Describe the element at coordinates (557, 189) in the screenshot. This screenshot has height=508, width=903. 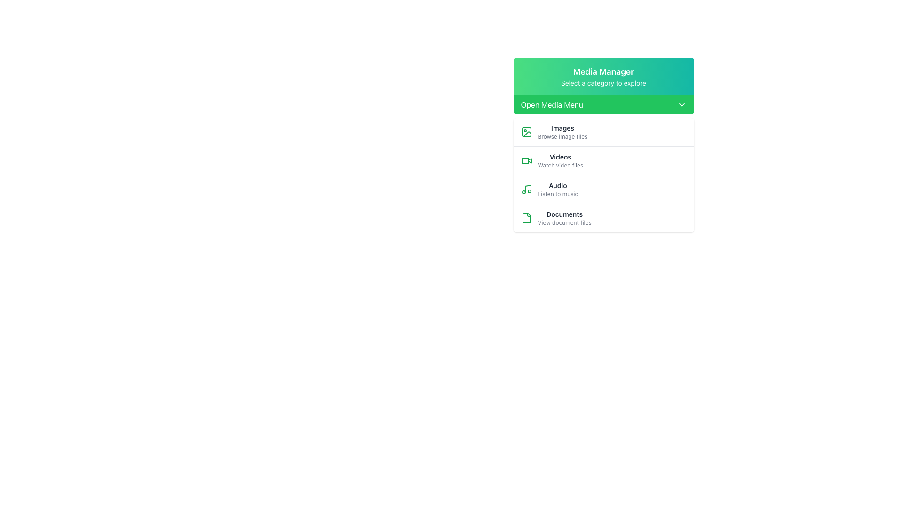
I see `the 'Audio' option in the Media Manager interface, which is represented by a bold title and subtitle with an associated music icon to its left` at that location.